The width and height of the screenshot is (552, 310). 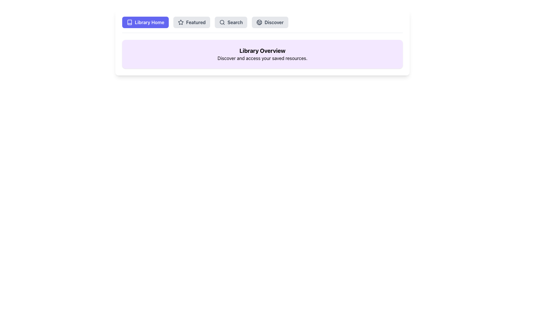 What do you see at coordinates (262, 58) in the screenshot?
I see `the text that reads 'Discover and access your saved resources.' which is styled in a regular sans-serif font and located beneath the 'Library Overview' header` at bounding box center [262, 58].